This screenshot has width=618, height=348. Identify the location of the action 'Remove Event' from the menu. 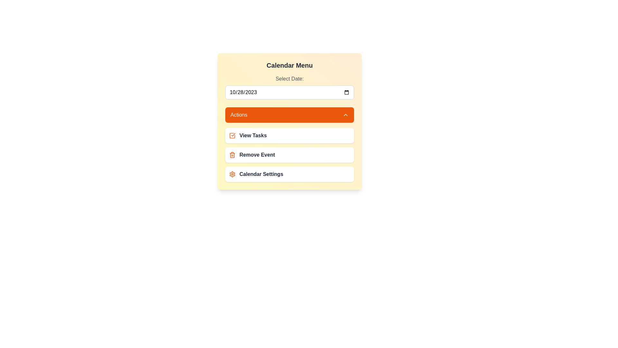
(289, 155).